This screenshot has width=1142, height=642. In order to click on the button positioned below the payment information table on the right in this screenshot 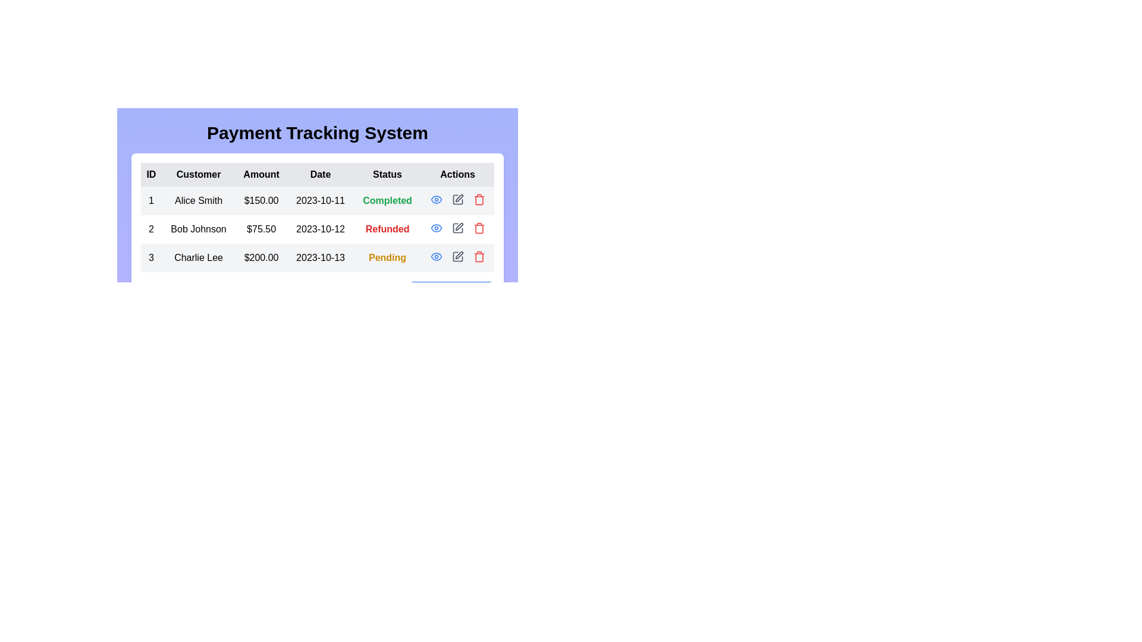, I will do `click(317, 293)`.